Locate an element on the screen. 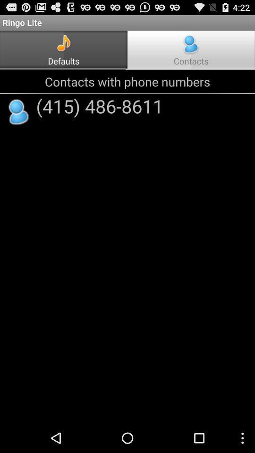 This screenshot has height=453, width=255. the icon next to (415) 486-8611 item is located at coordinates (19, 112).